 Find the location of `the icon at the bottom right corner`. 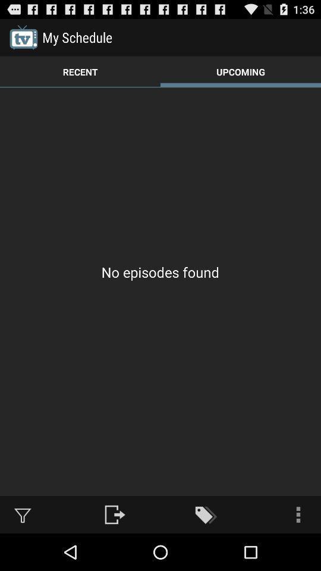

the icon at the bottom right corner is located at coordinates (297, 514).